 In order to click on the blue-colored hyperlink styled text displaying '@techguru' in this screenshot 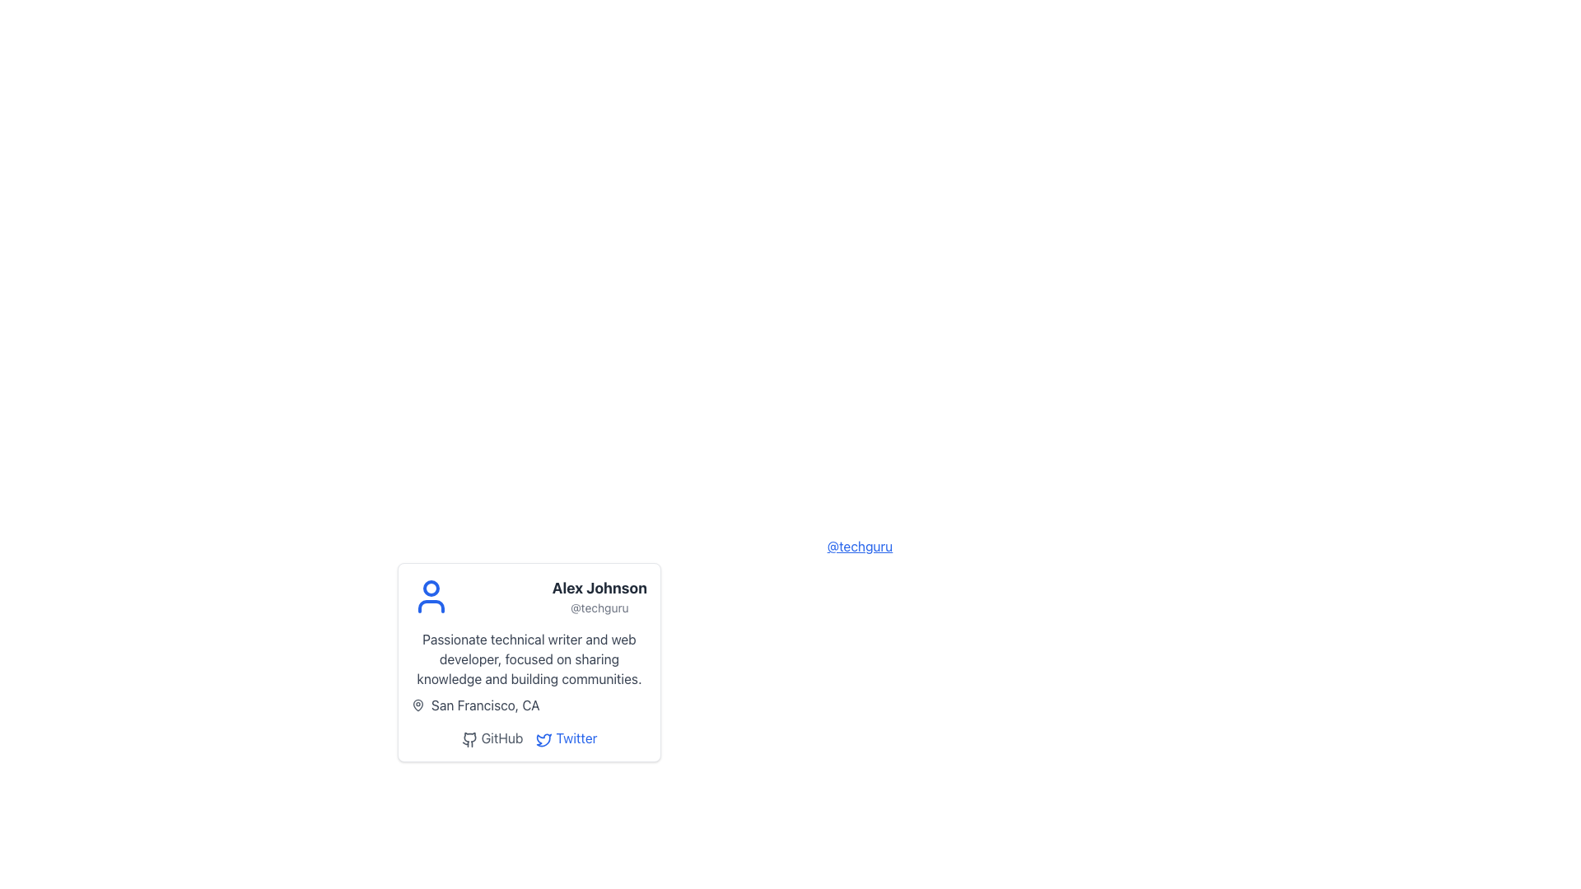, I will do `click(859, 546)`.